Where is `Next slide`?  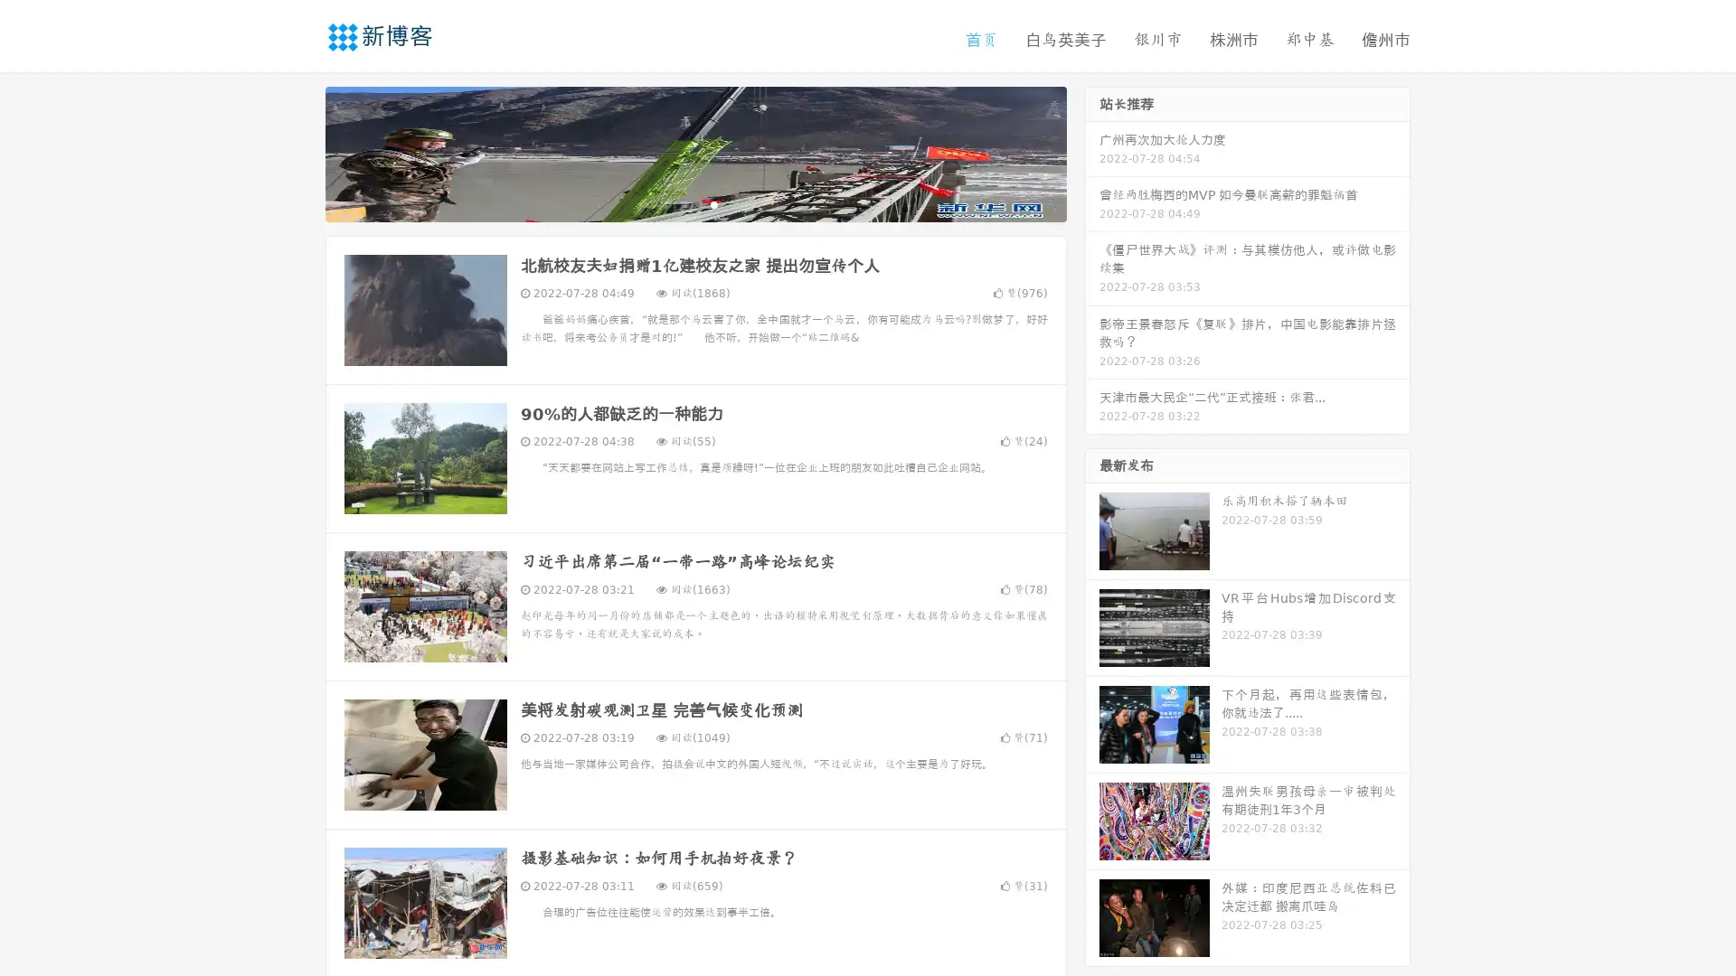
Next slide is located at coordinates (1092, 152).